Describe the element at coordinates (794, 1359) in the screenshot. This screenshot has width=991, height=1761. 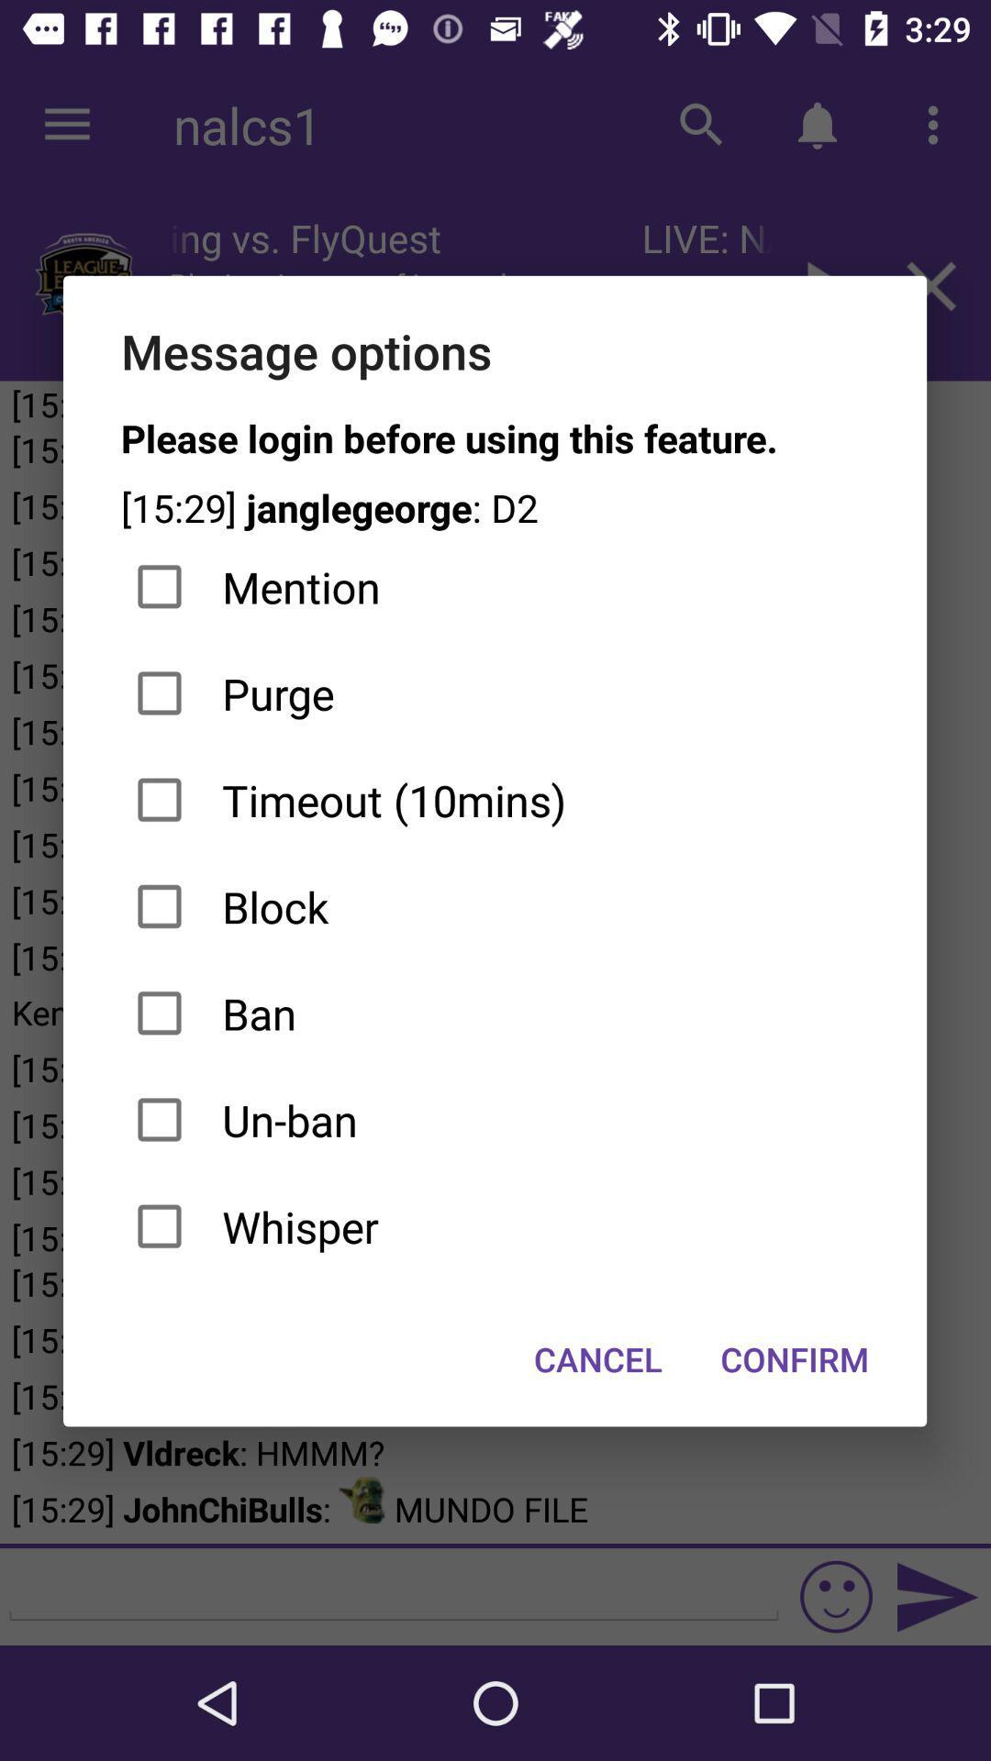
I see `confirm at the bottom right corner` at that location.